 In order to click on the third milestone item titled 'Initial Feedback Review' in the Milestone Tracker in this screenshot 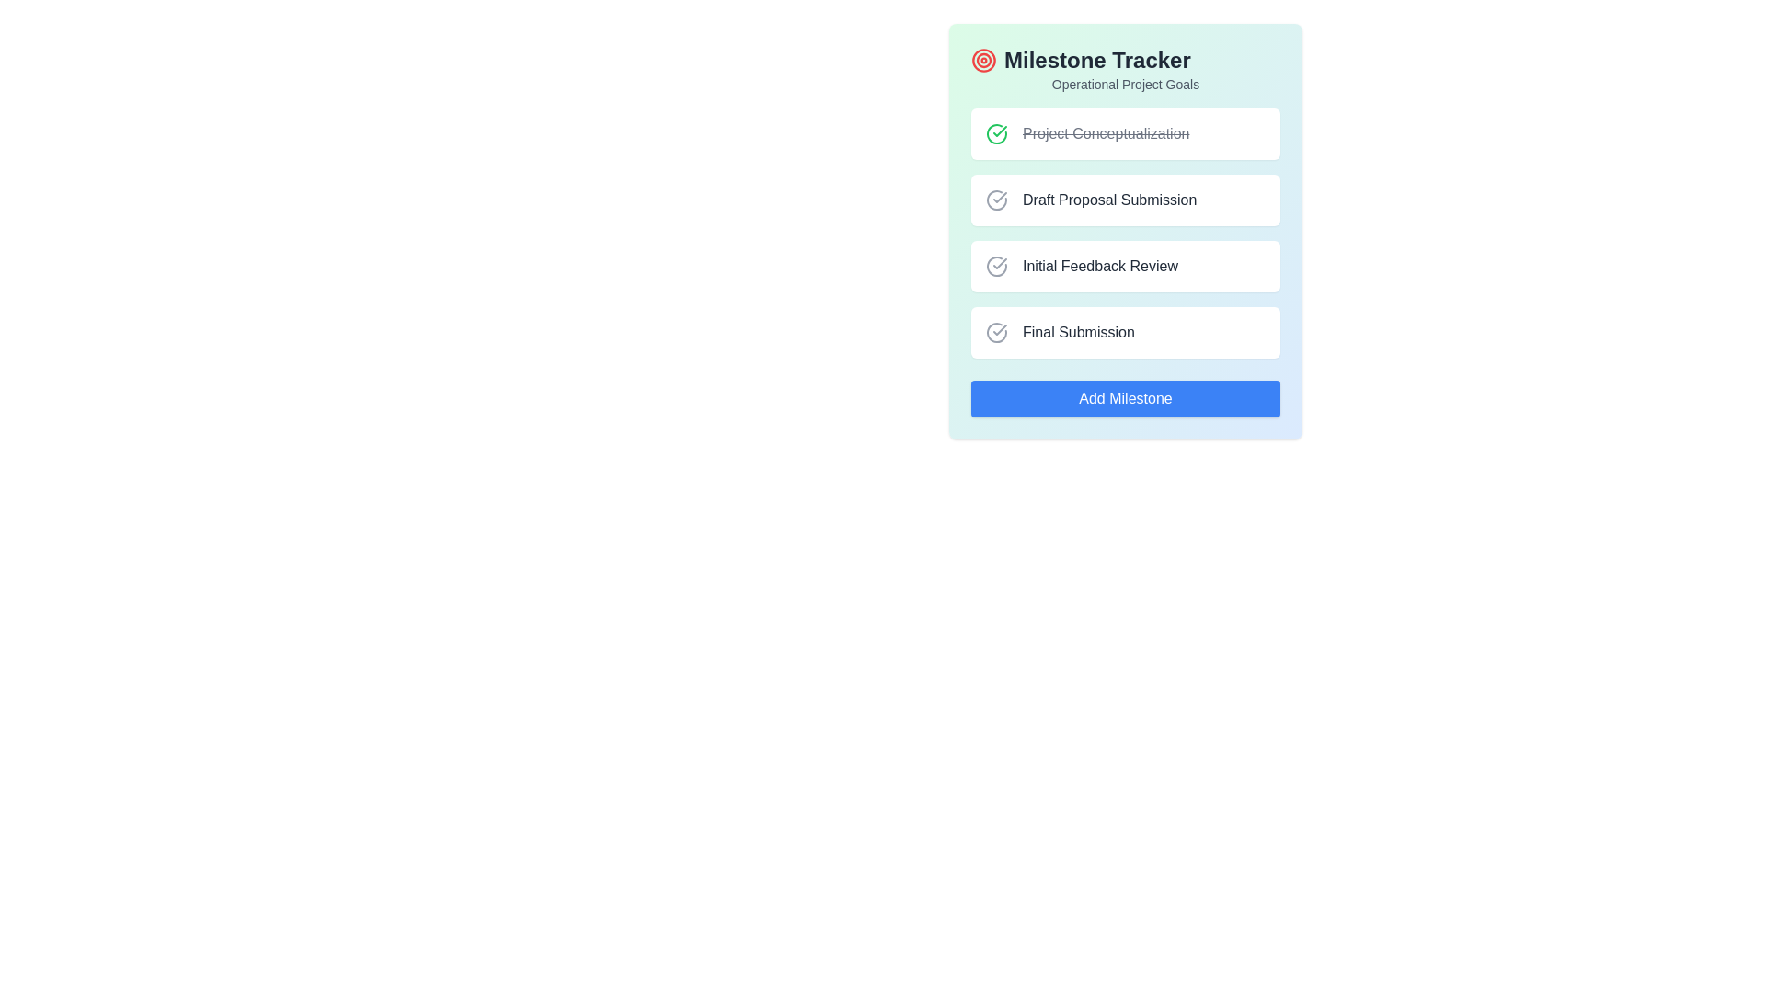, I will do `click(1125, 266)`.